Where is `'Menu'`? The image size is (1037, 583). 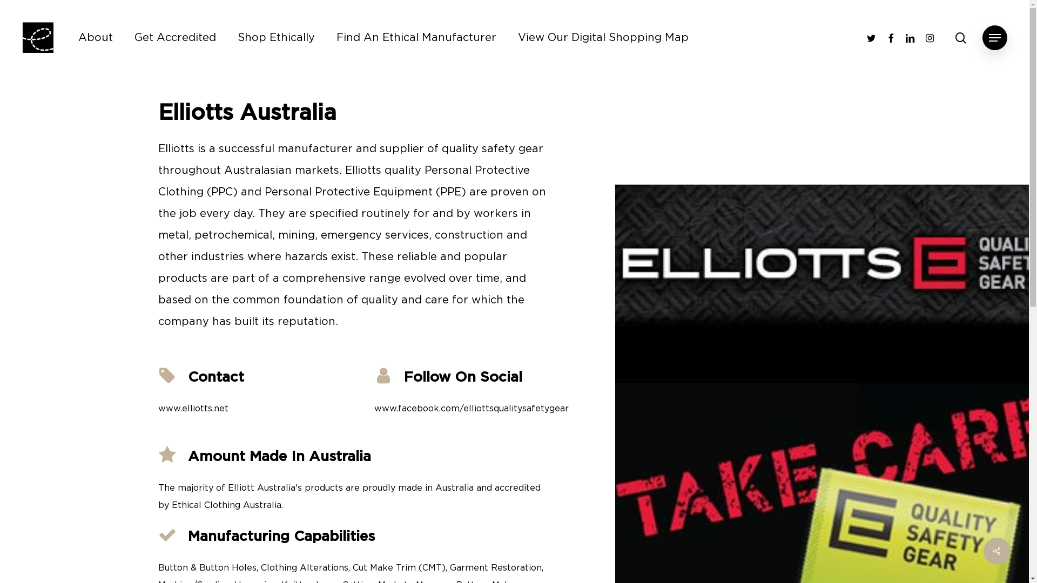
'Menu' is located at coordinates (994, 37).